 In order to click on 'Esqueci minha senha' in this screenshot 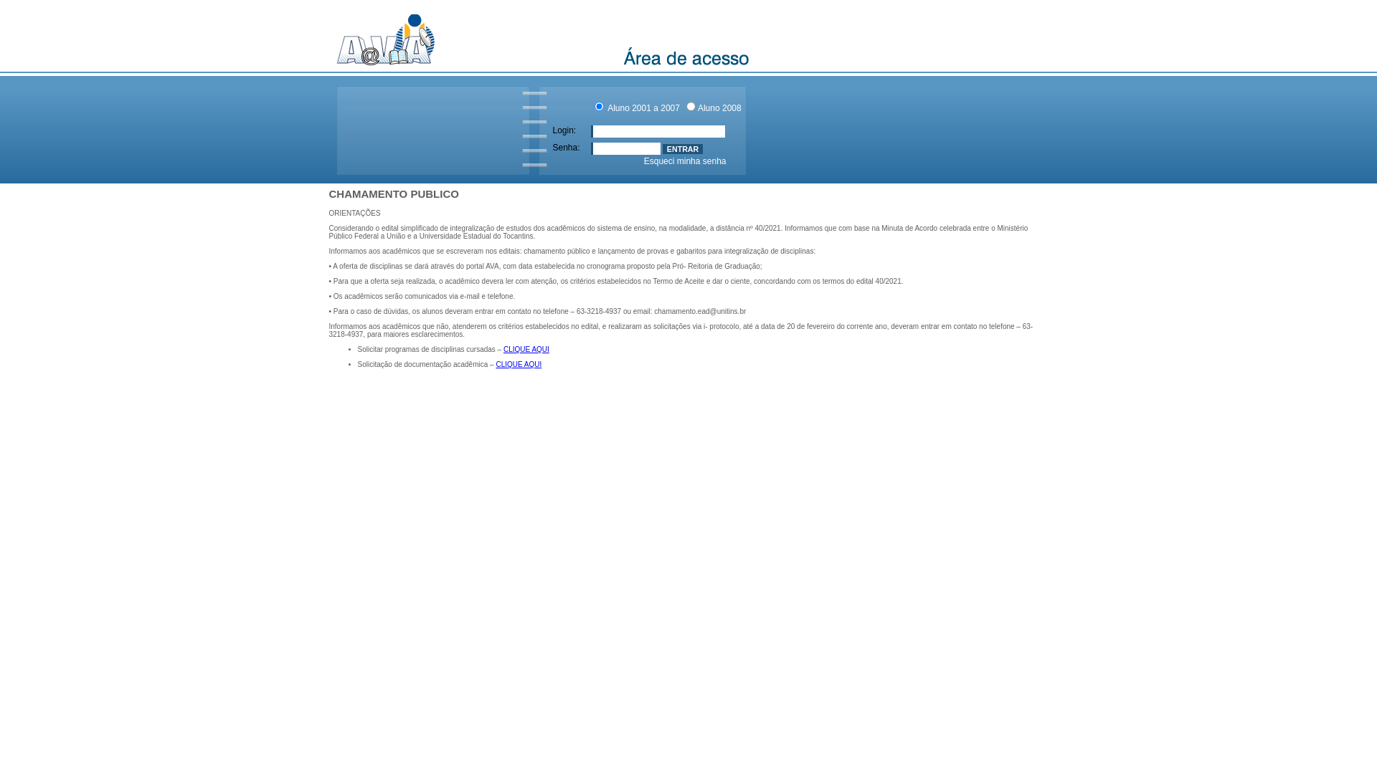, I will do `click(684, 161)`.